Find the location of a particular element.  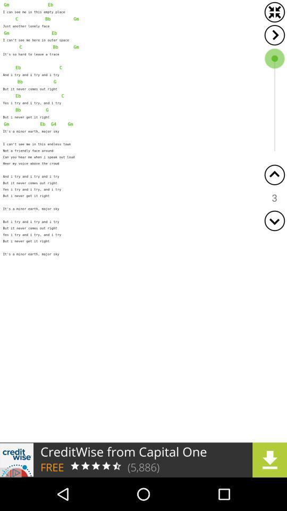

the expand_less icon is located at coordinates (274, 175).